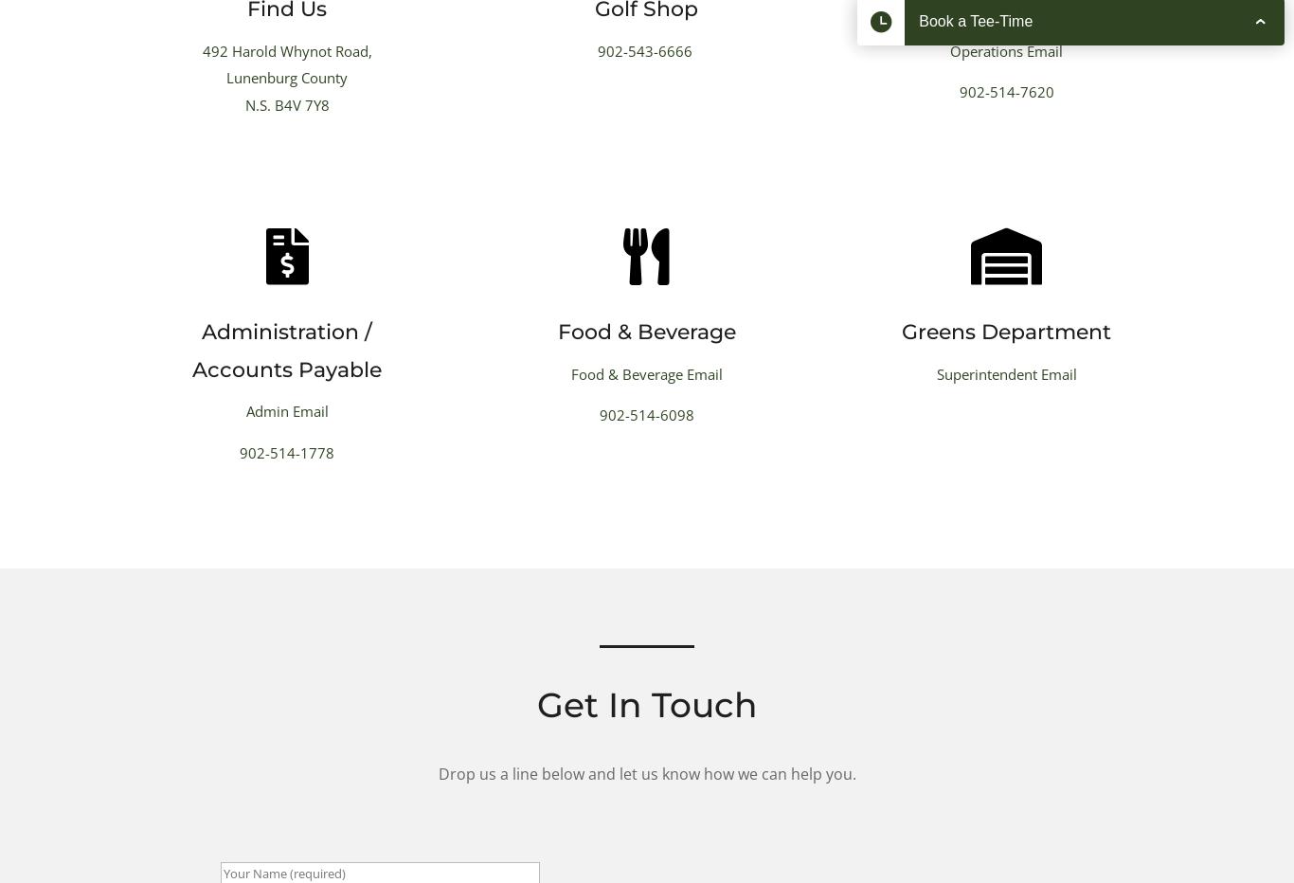 Image resolution: width=1294 pixels, height=883 pixels. I want to click on '902-514-1778', so click(286, 450).